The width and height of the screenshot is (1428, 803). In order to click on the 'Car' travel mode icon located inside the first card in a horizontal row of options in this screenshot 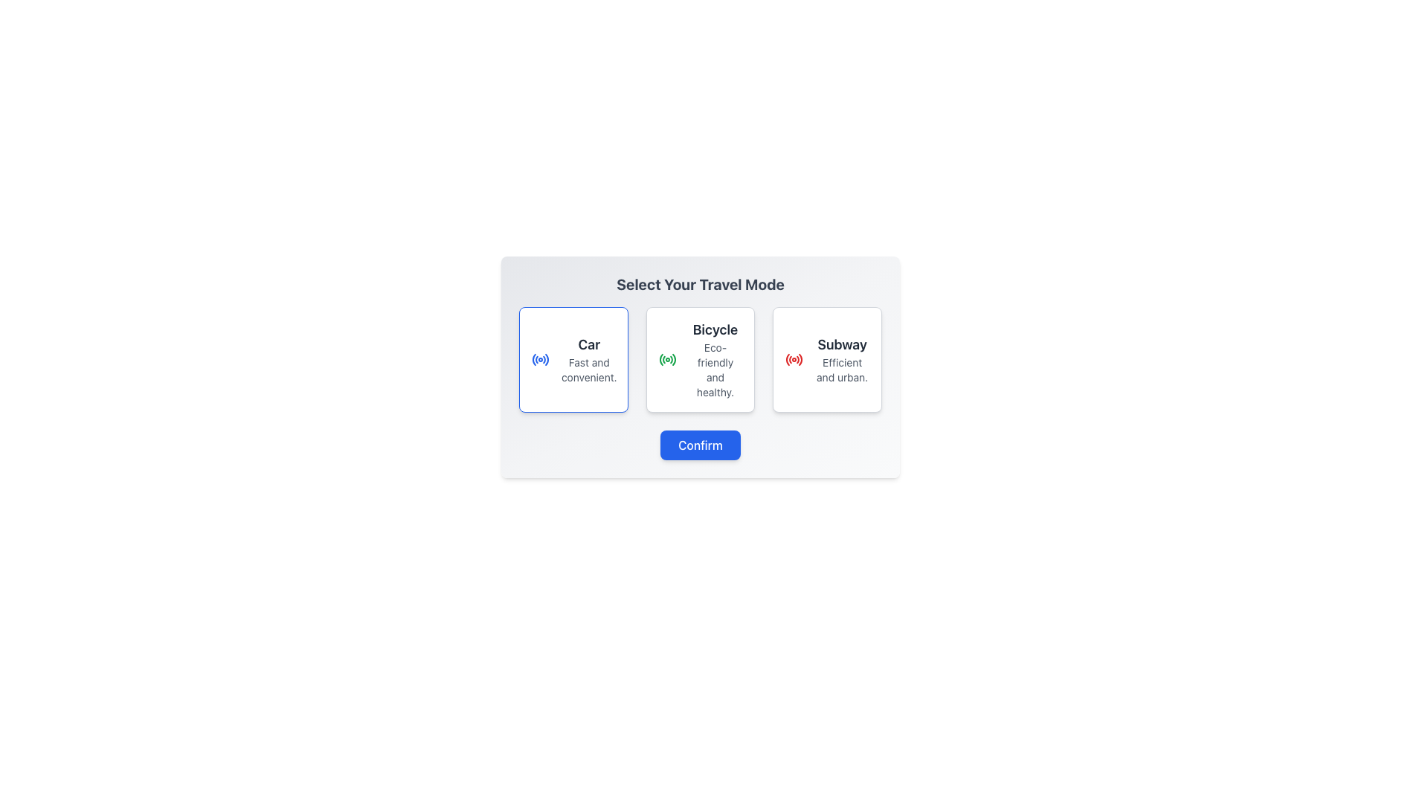, I will do `click(539, 359)`.